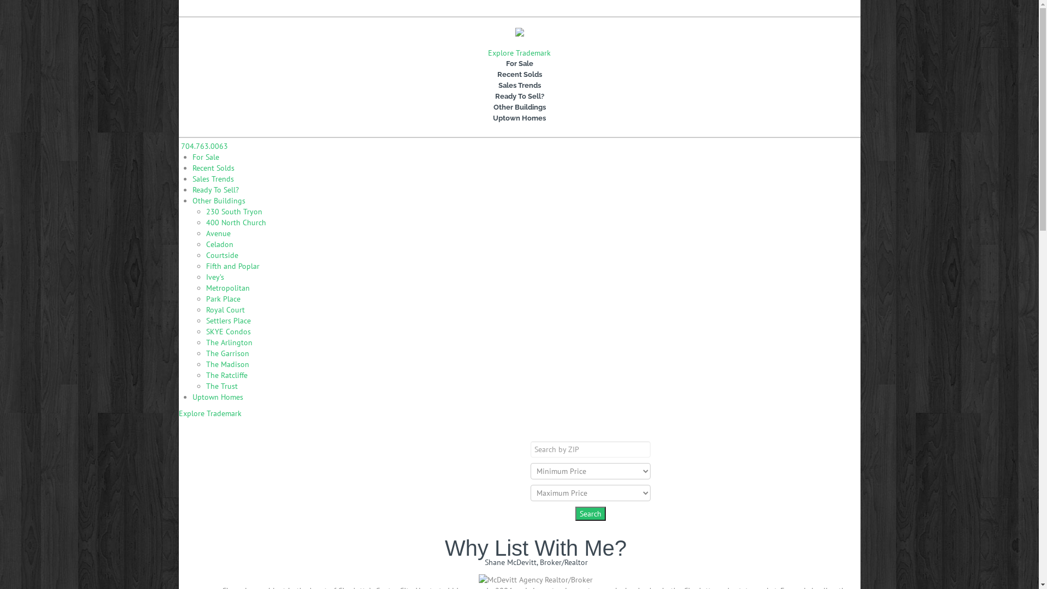 The image size is (1047, 589). Describe the element at coordinates (203, 145) in the screenshot. I see `' 704.763.0063'` at that location.